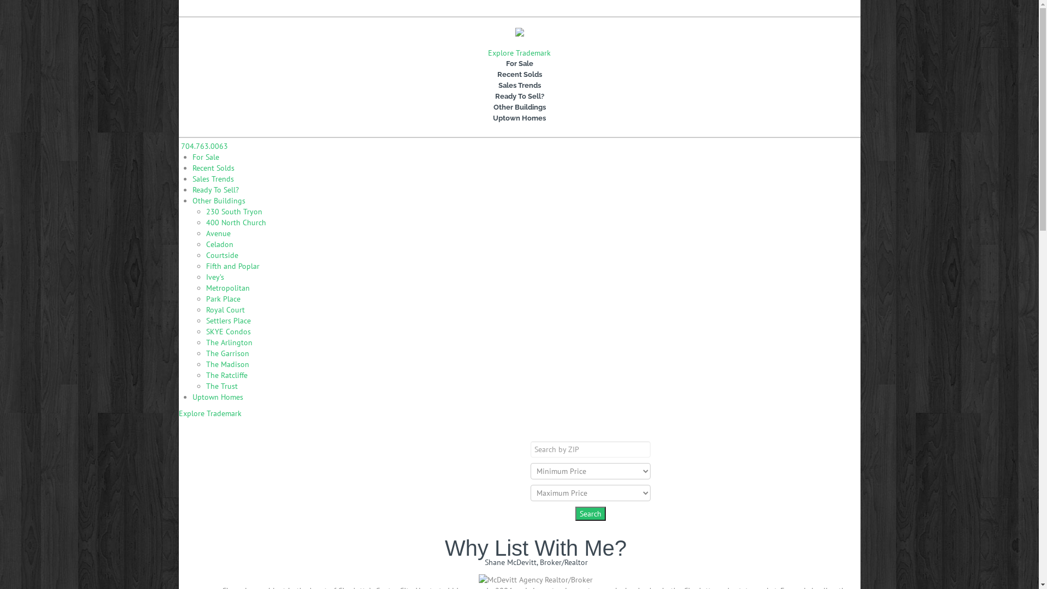 The image size is (1047, 589). Describe the element at coordinates (203, 145) in the screenshot. I see `' 704.763.0063'` at that location.